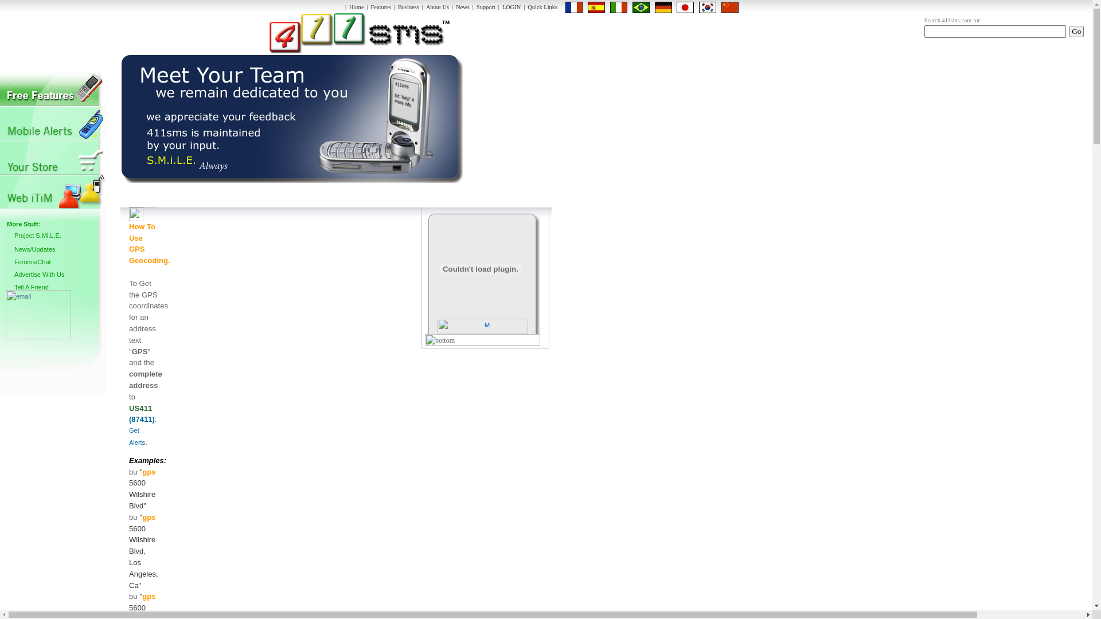  I want to click on 'MVNO Solutions', so click(52, 88).